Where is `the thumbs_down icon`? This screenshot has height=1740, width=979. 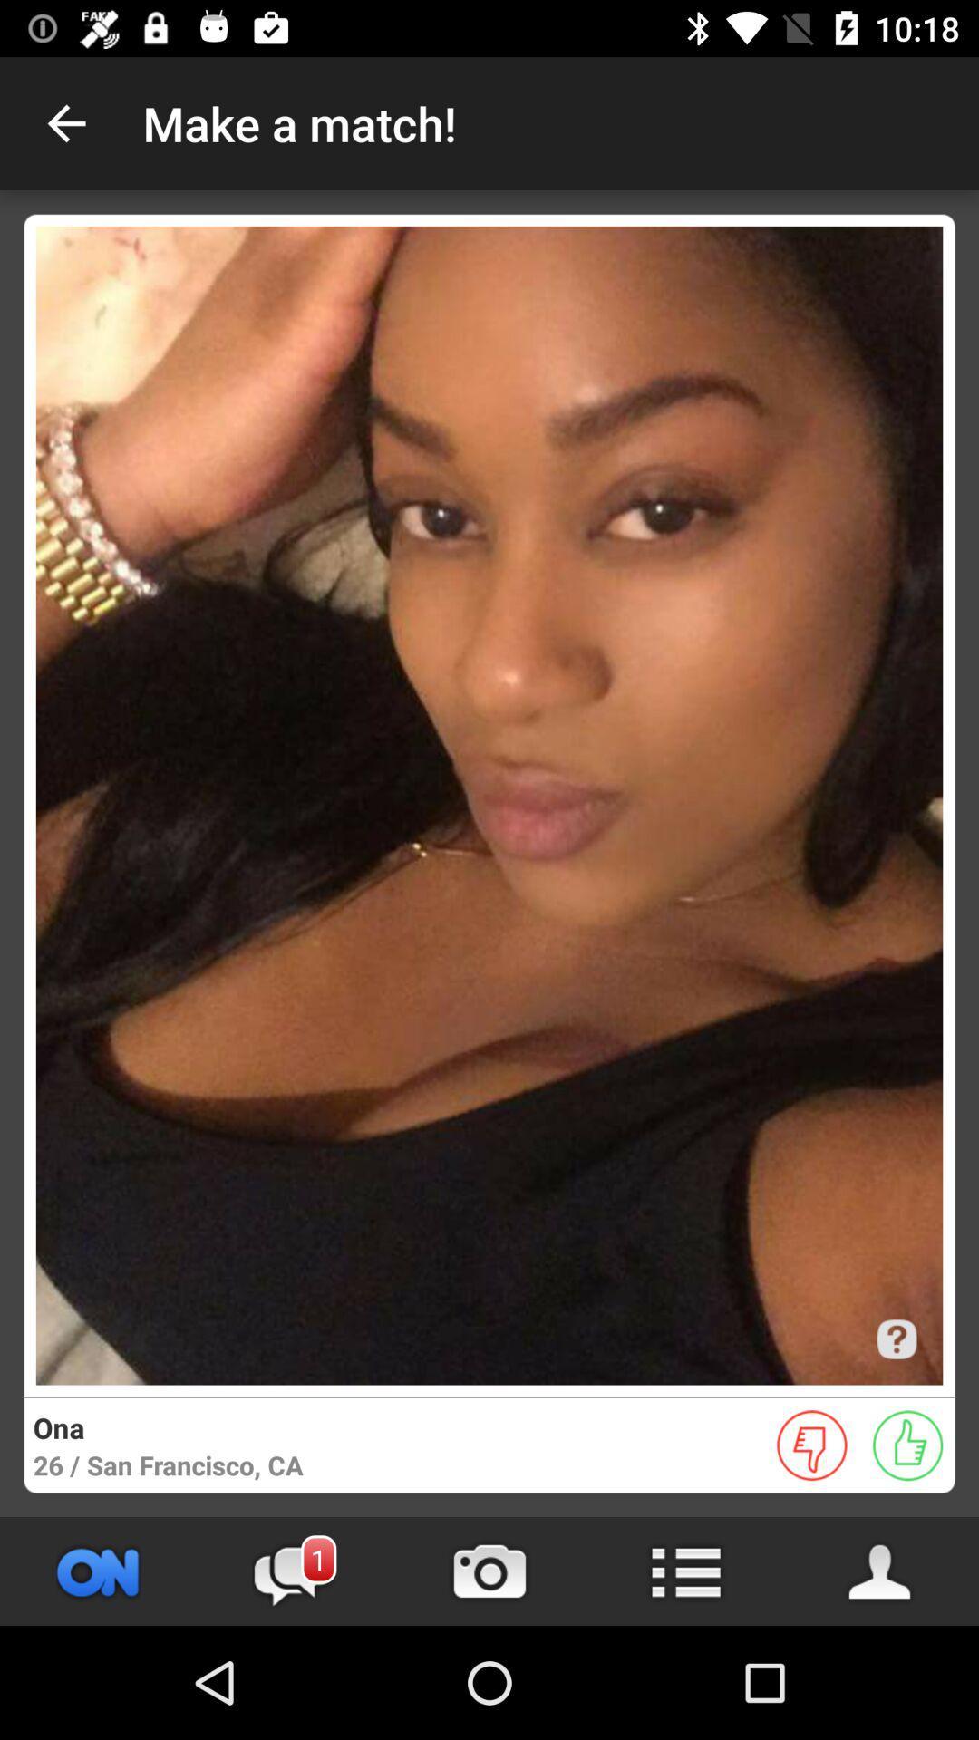 the thumbs_down icon is located at coordinates (811, 1445).